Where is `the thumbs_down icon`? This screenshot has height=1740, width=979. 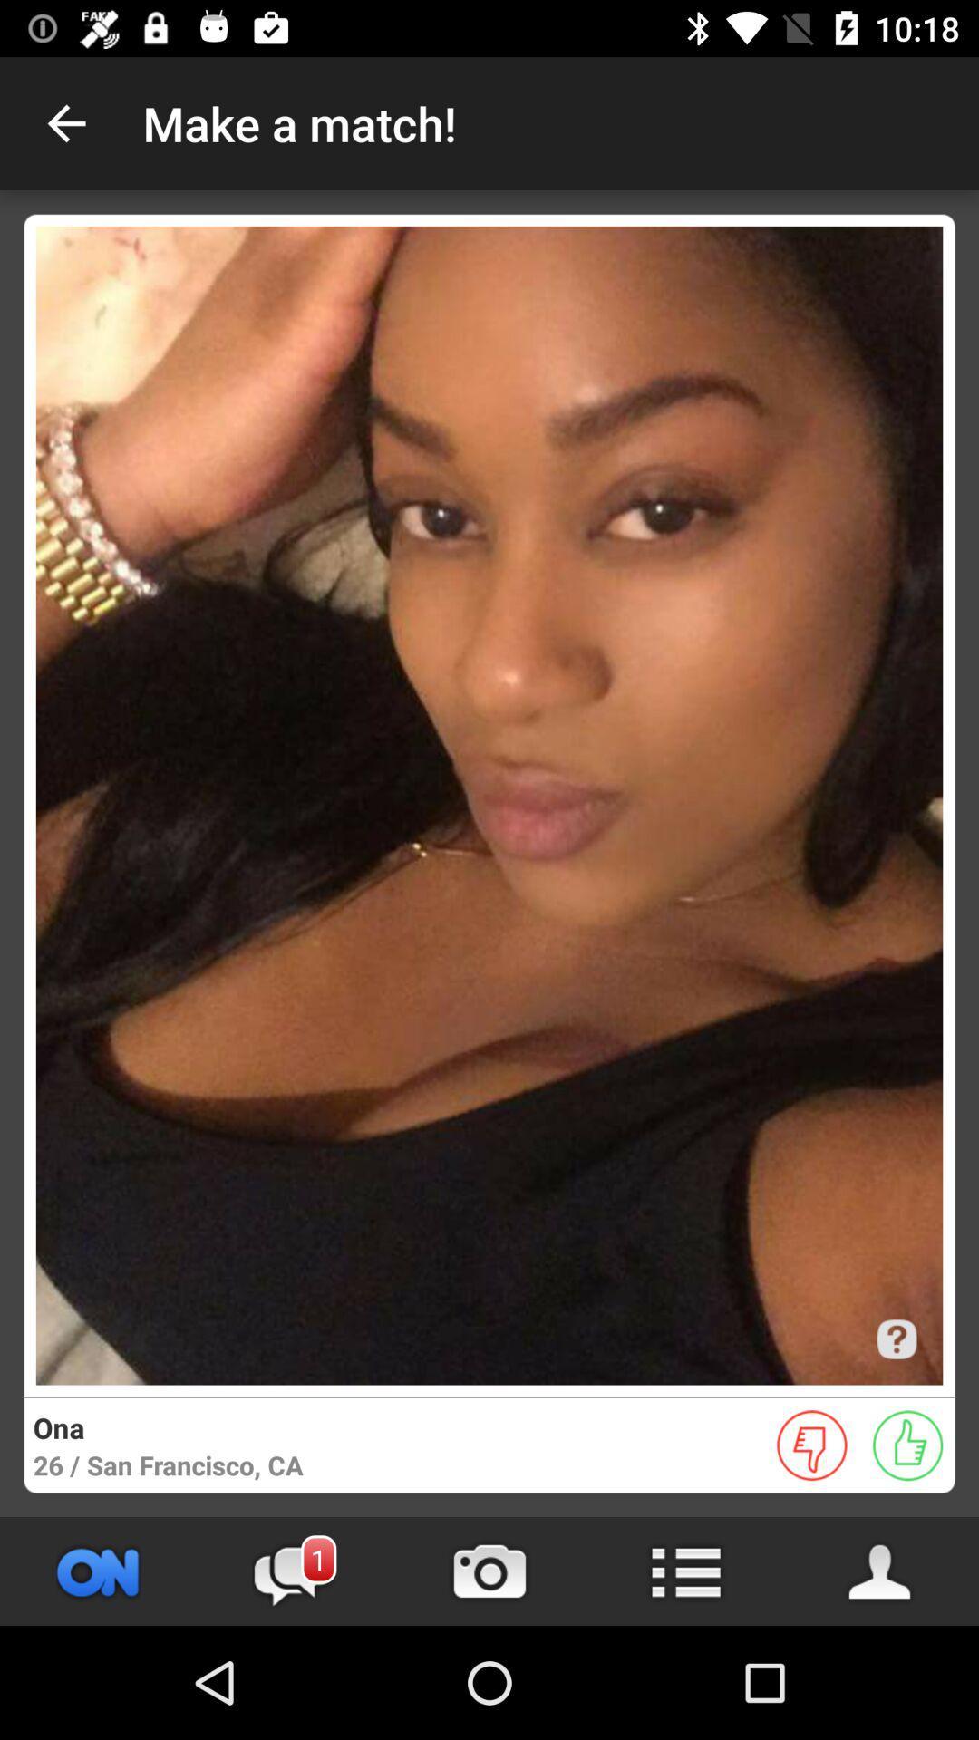 the thumbs_down icon is located at coordinates (811, 1445).